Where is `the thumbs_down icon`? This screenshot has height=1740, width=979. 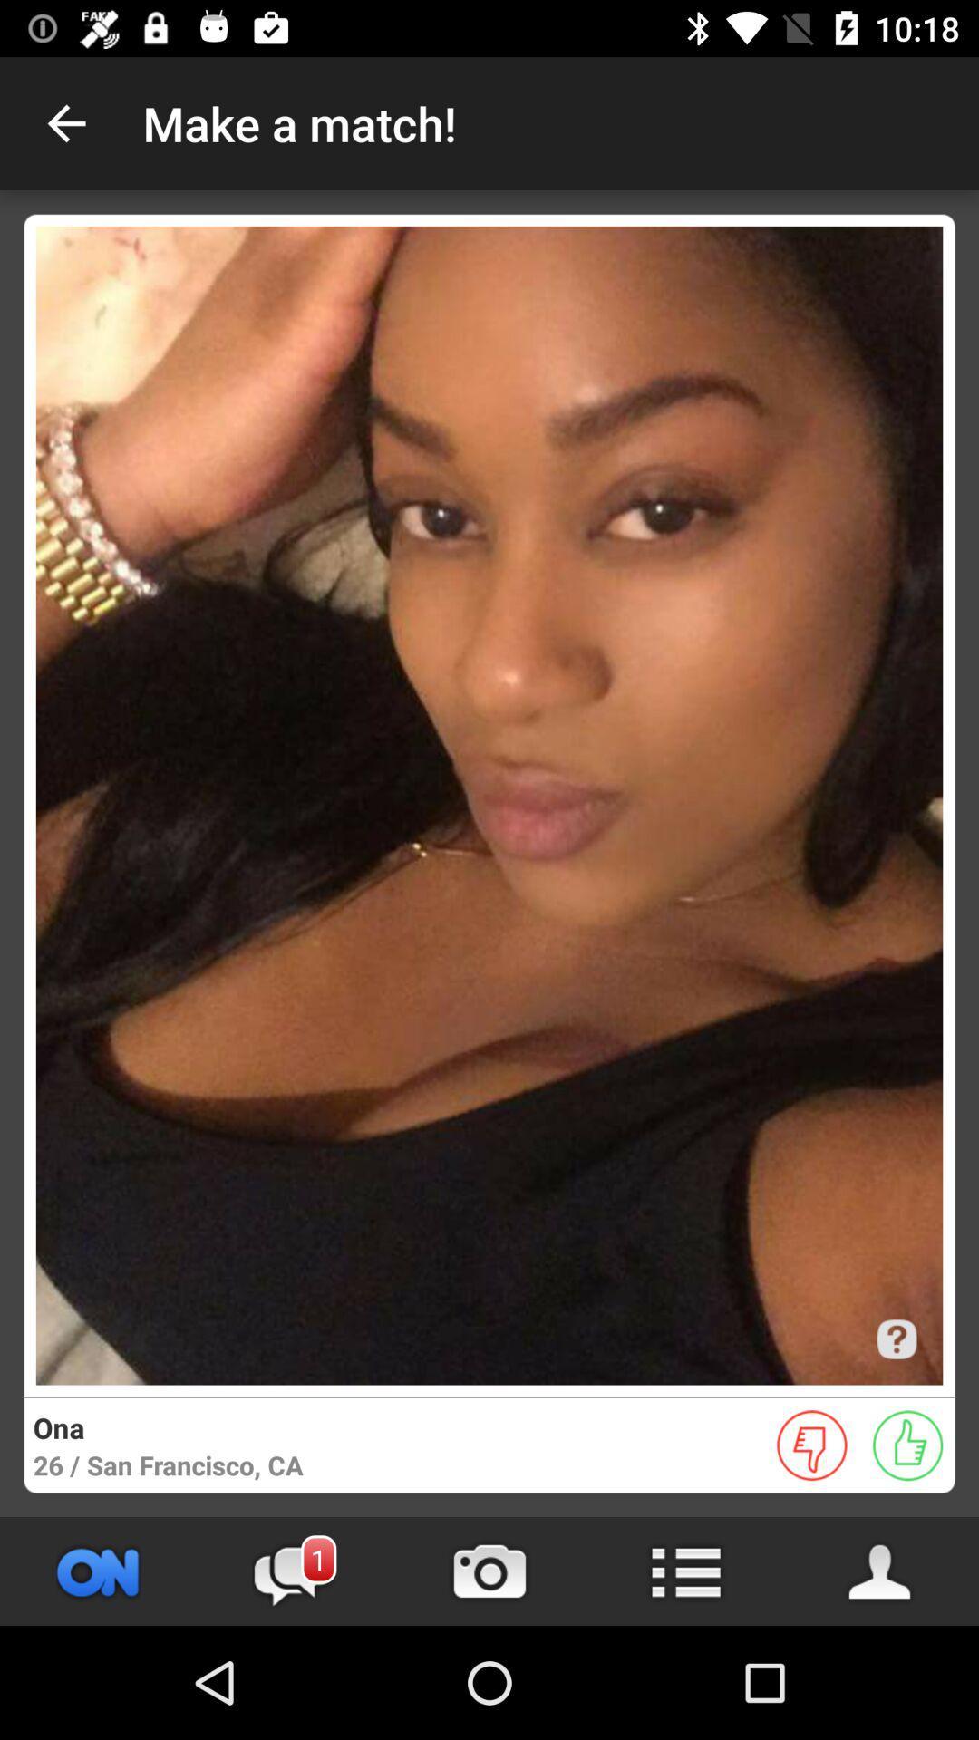 the thumbs_down icon is located at coordinates (811, 1445).